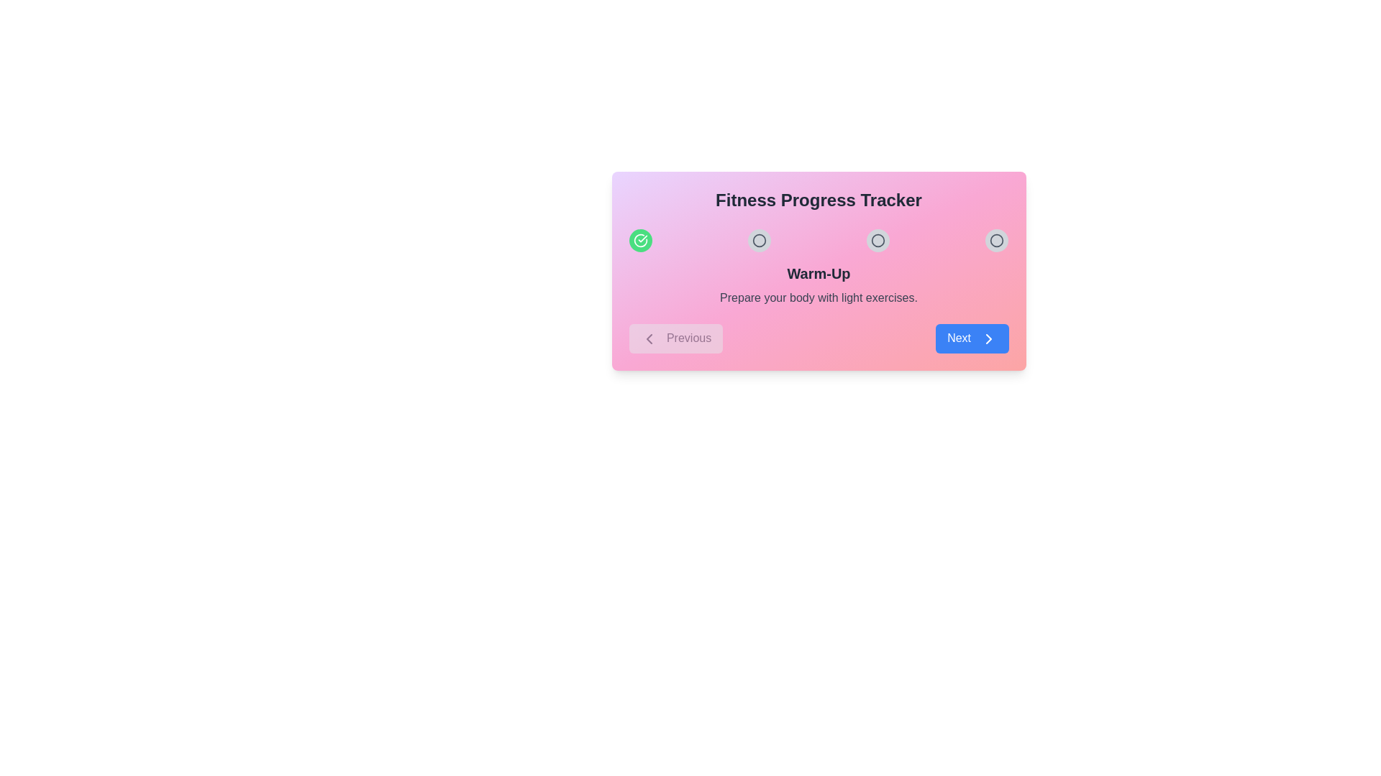 The image size is (1381, 776). I want to click on the inactive step indicator, so click(996, 240).